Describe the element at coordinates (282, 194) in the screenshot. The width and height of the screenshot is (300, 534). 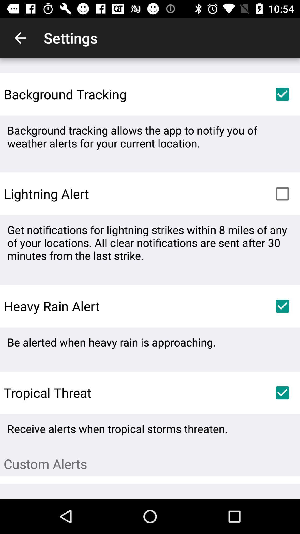
I see `tick the box` at that location.